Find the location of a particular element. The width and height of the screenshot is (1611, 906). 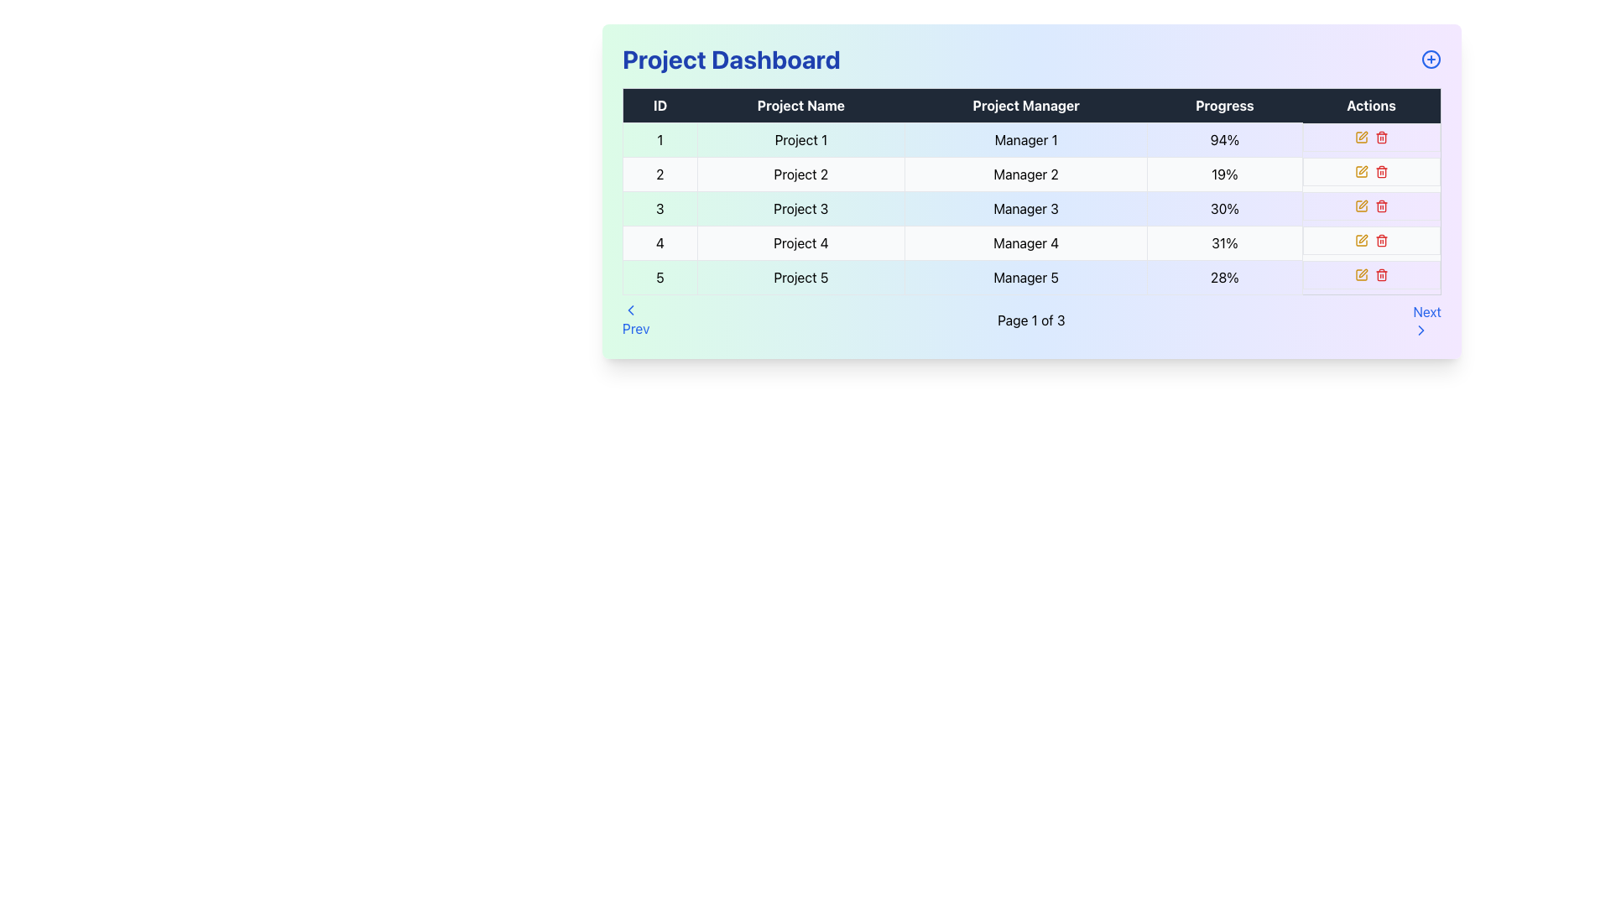

the third row in the table with a light blue background containing project details including ID '3', project name 'Project 3', project manager 'Manager 3', and progress percentage '30%.' is located at coordinates (1030, 208).